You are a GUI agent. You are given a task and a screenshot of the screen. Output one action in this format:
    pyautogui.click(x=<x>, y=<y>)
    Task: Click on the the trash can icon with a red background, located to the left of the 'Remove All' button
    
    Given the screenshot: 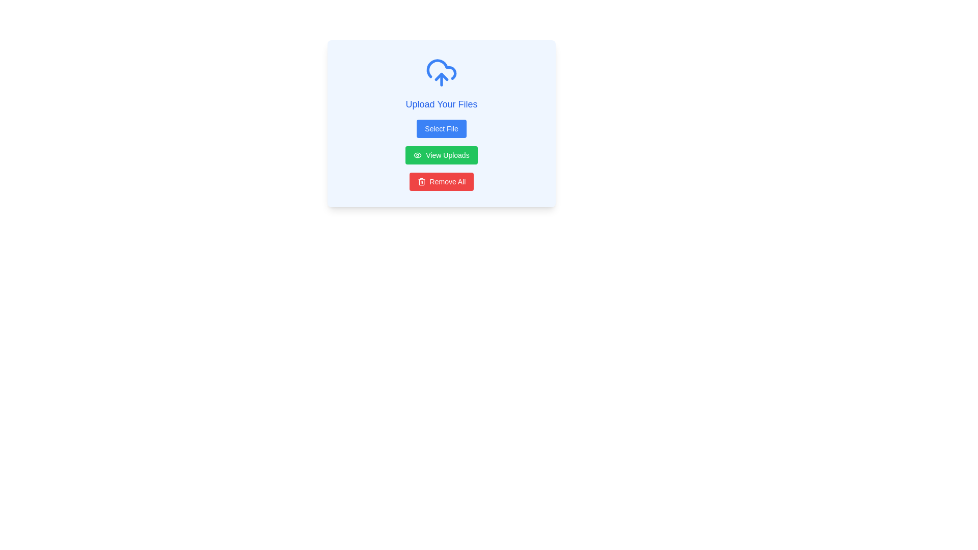 What is the action you would take?
    pyautogui.click(x=421, y=181)
    